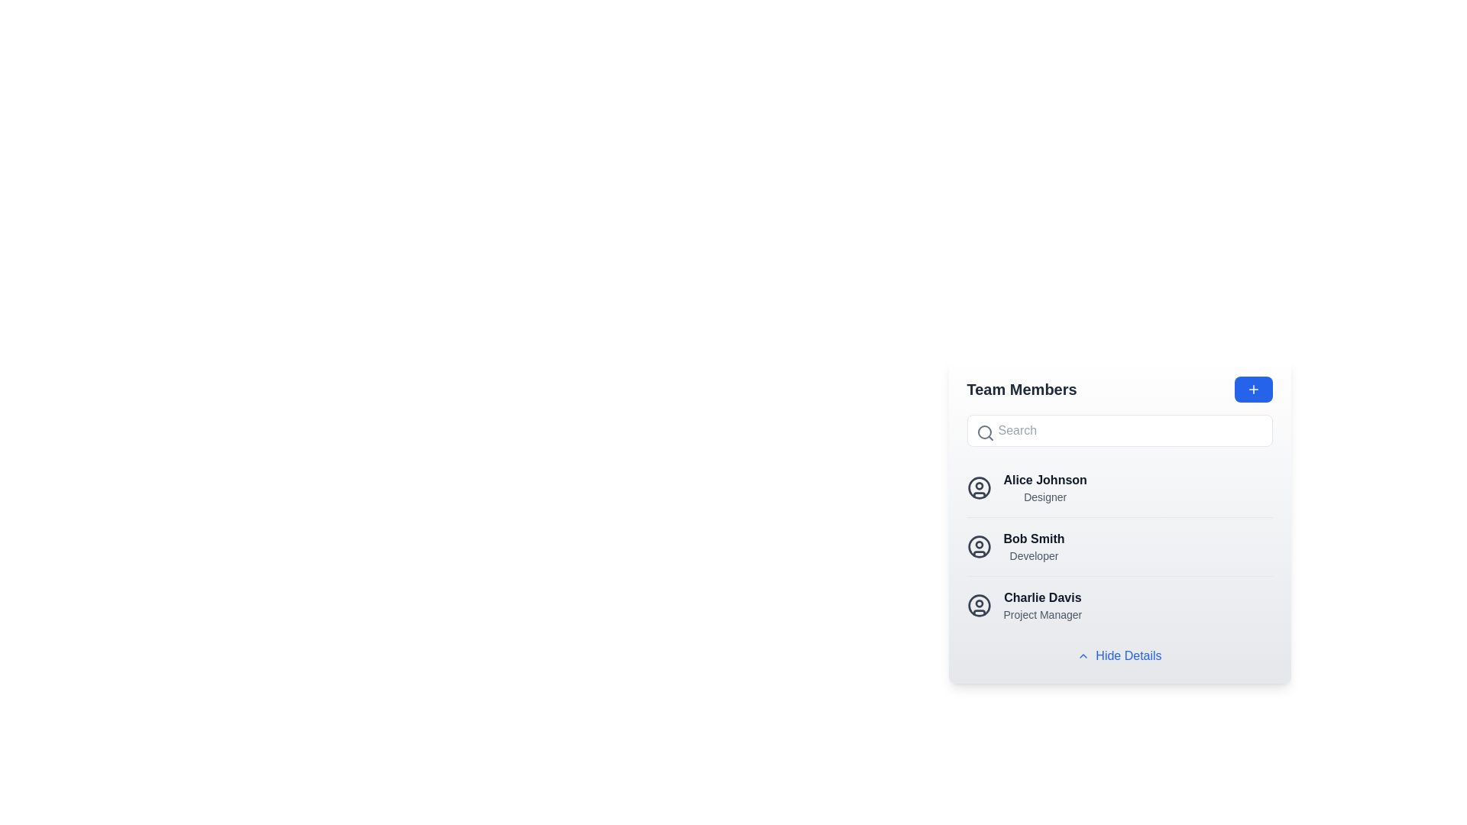  Describe the element at coordinates (985, 433) in the screenshot. I see `the search input field icon located at the start of the search input field, slightly to the left, which indicates the purpose of entering search queries` at that location.